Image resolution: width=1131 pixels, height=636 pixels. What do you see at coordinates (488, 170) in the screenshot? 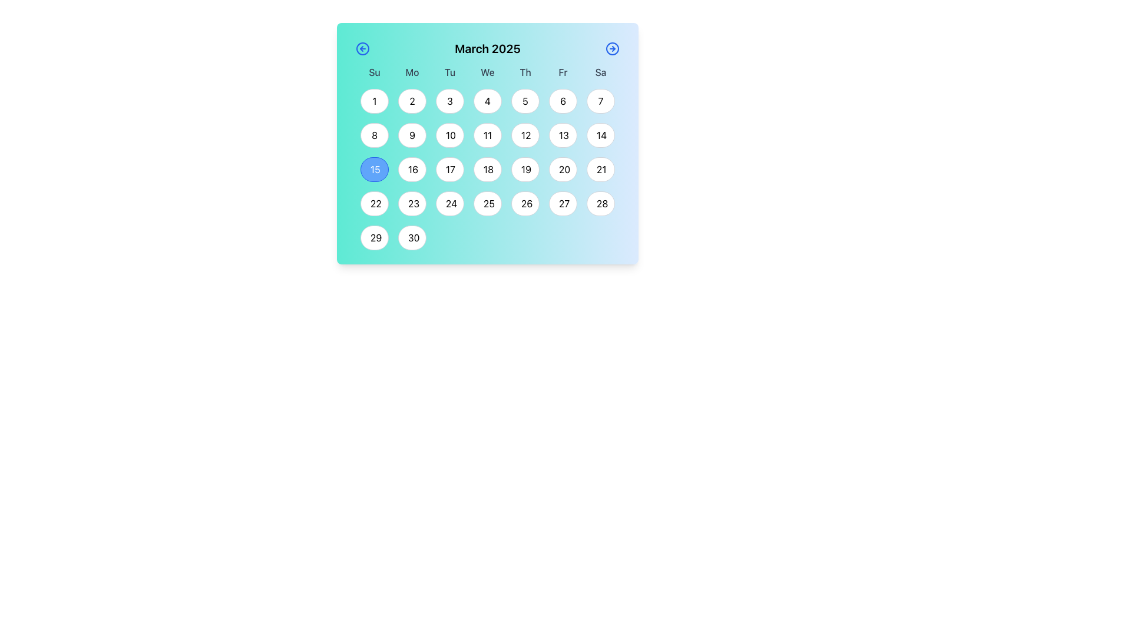
I see `the rounded button displaying the number '18'` at bounding box center [488, 170].